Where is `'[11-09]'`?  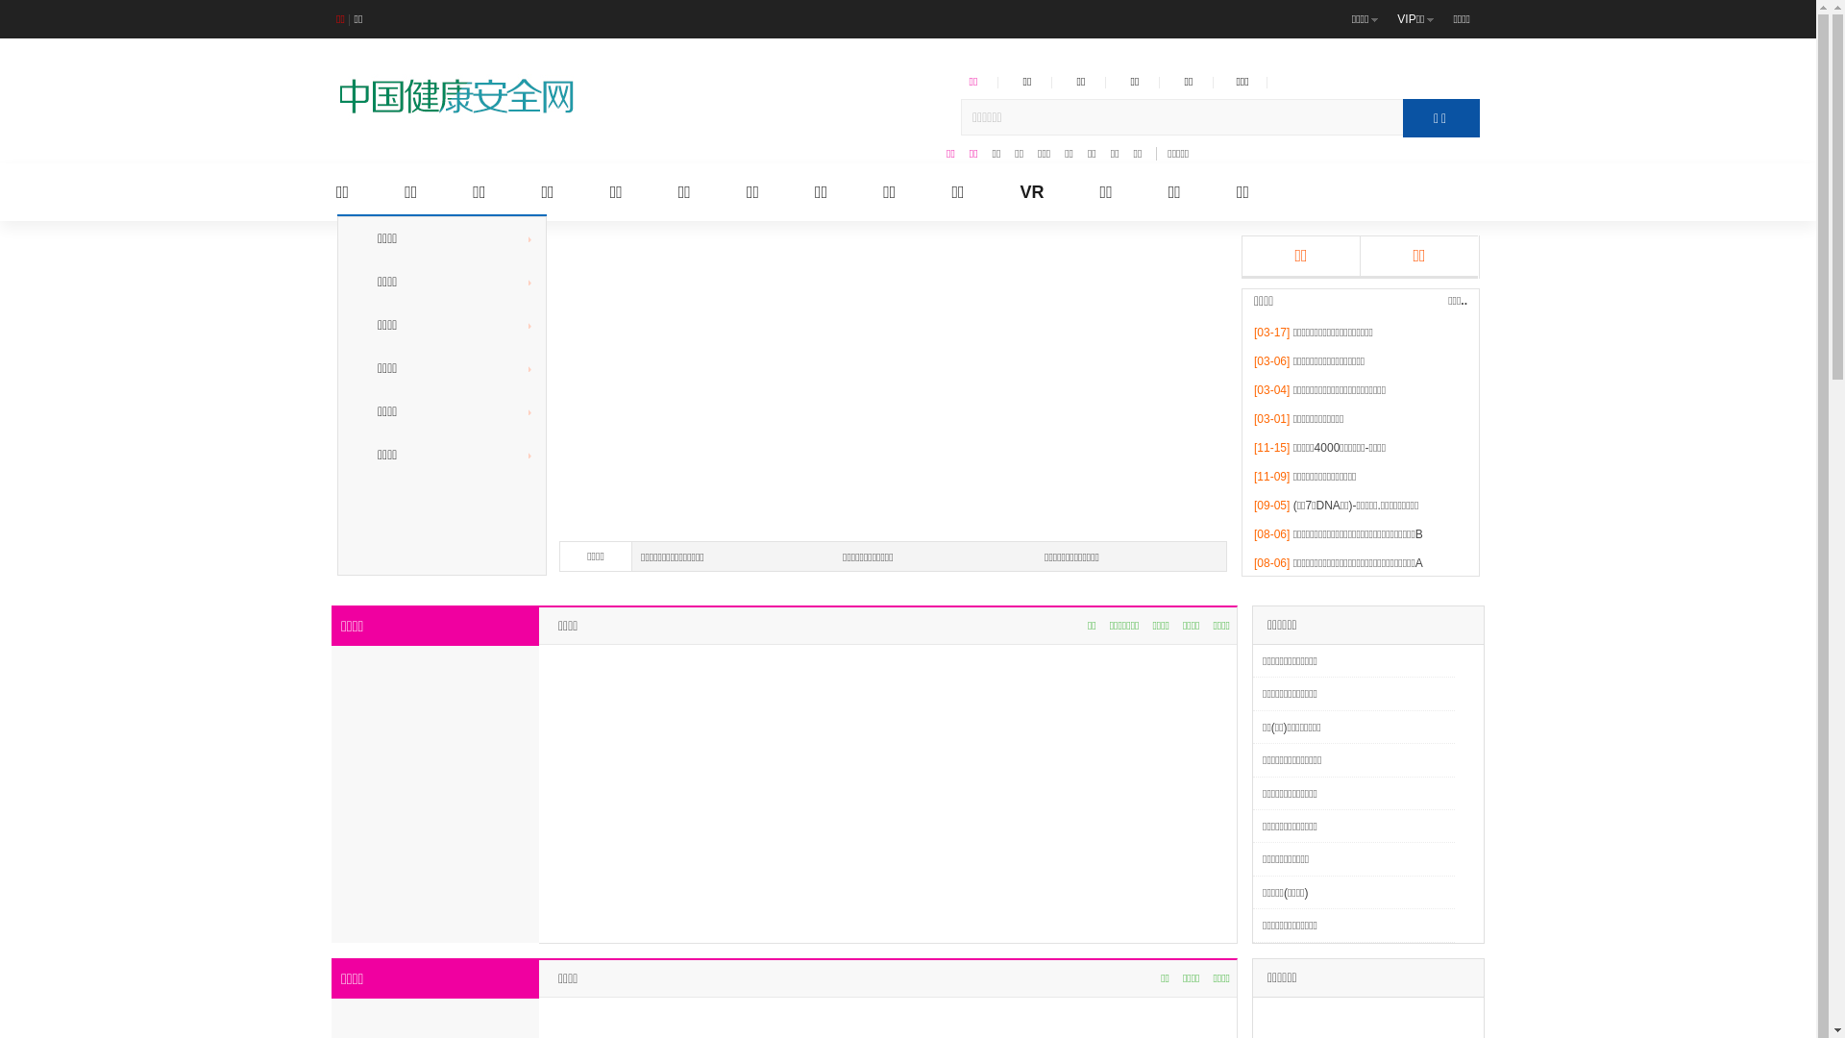
'[11-09]' is located at coordinates (1271, 476).